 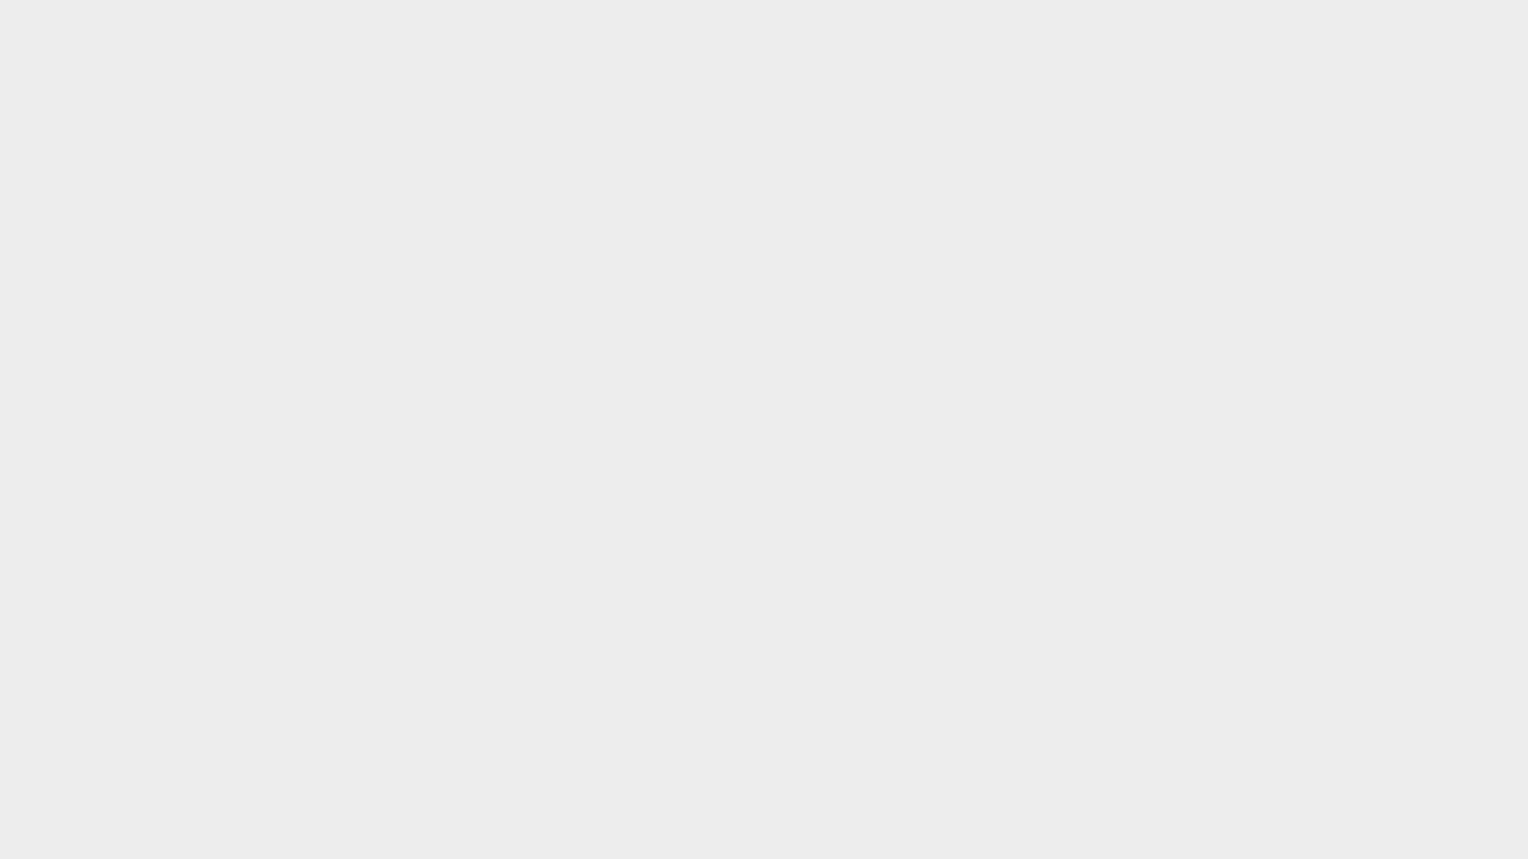 I want to click on 'Sermons', so click(x=880, y=97).